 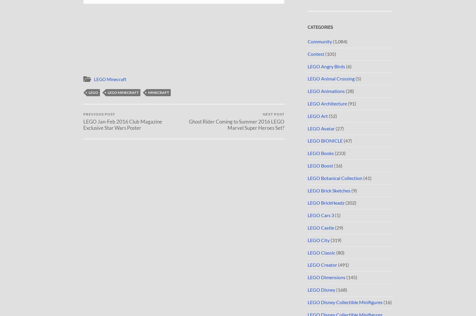 I want to click on '(168)', so click(x=335, y=289).